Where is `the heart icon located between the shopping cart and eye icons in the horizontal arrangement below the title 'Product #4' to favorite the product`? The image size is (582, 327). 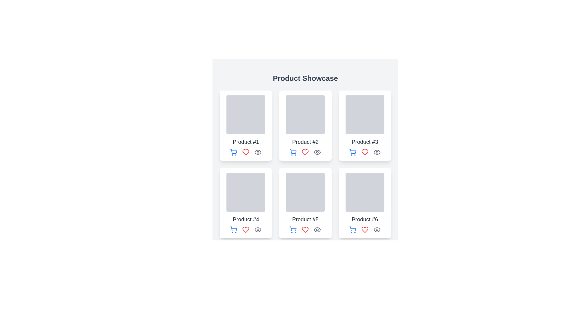
the heart icon located between the shopping cart and eye icons in the horizontal arrangement below the title 'Product #4' to favorite the product is located at coordinates (246, 230).